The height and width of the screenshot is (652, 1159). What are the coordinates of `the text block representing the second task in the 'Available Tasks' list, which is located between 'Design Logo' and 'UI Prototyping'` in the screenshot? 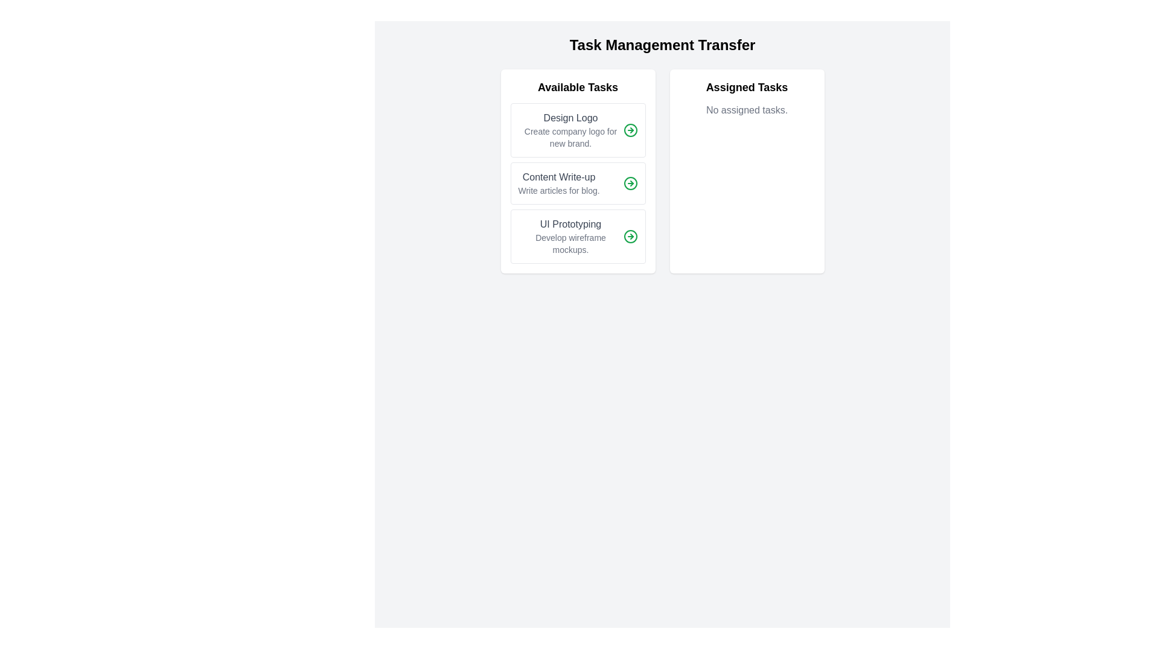 It's located at (558, 184).